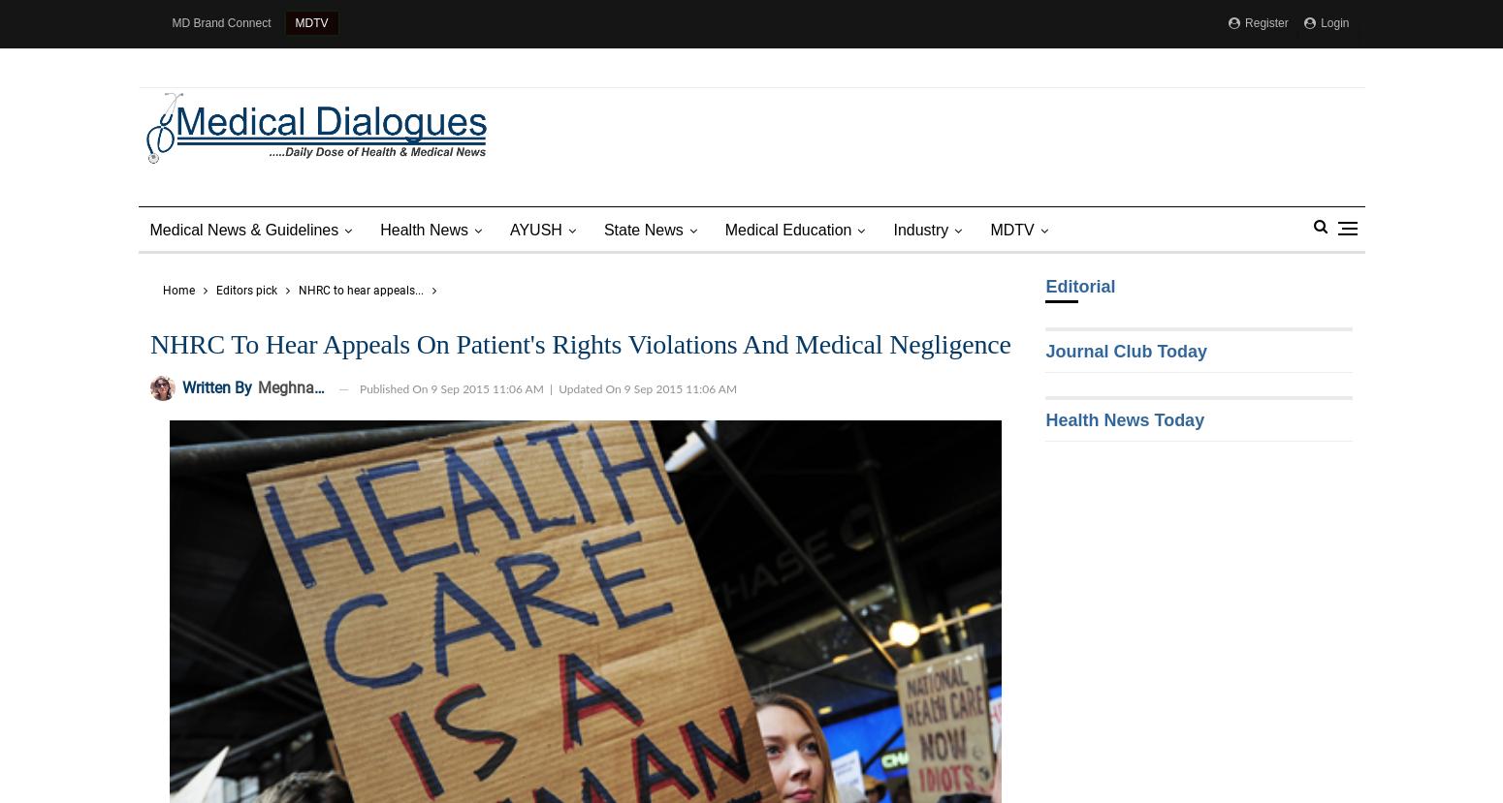  What do you see at coordinates (786, 229) in the screenshot?
I see `'Medical Education'` at bounding box center [786, 229].